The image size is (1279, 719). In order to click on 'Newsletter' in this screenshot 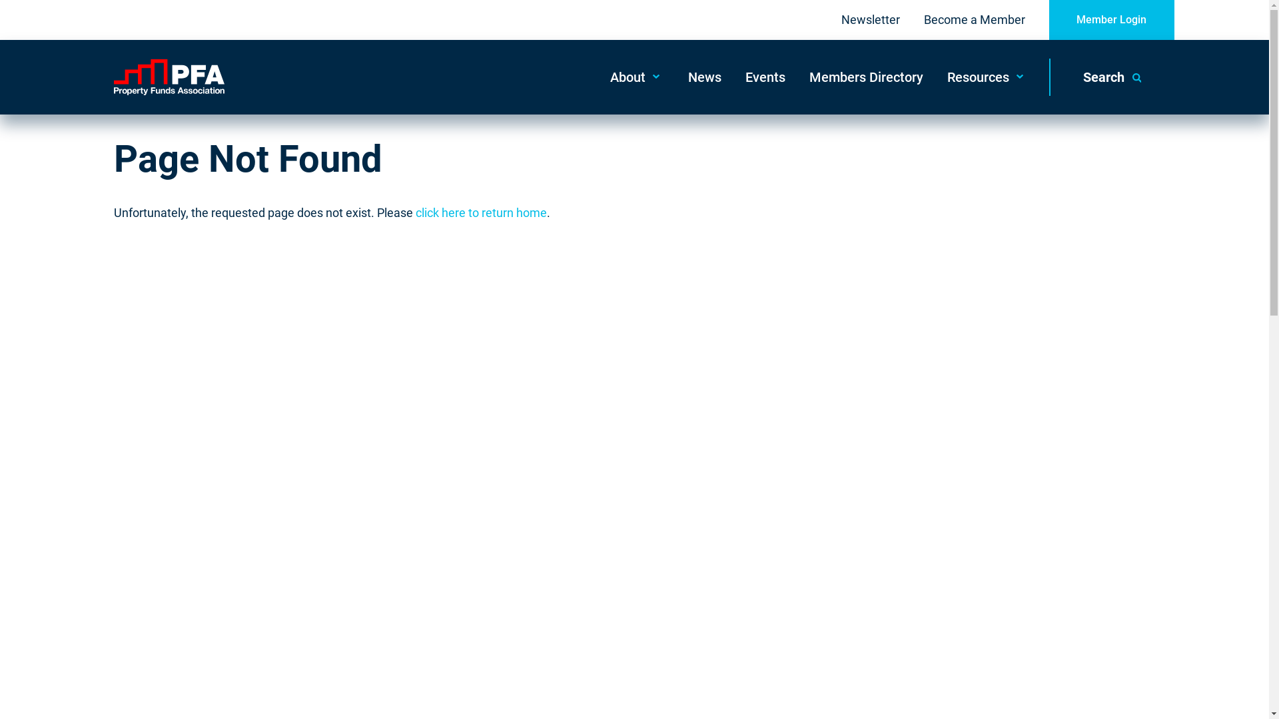, I will do `click(840, 20)`.